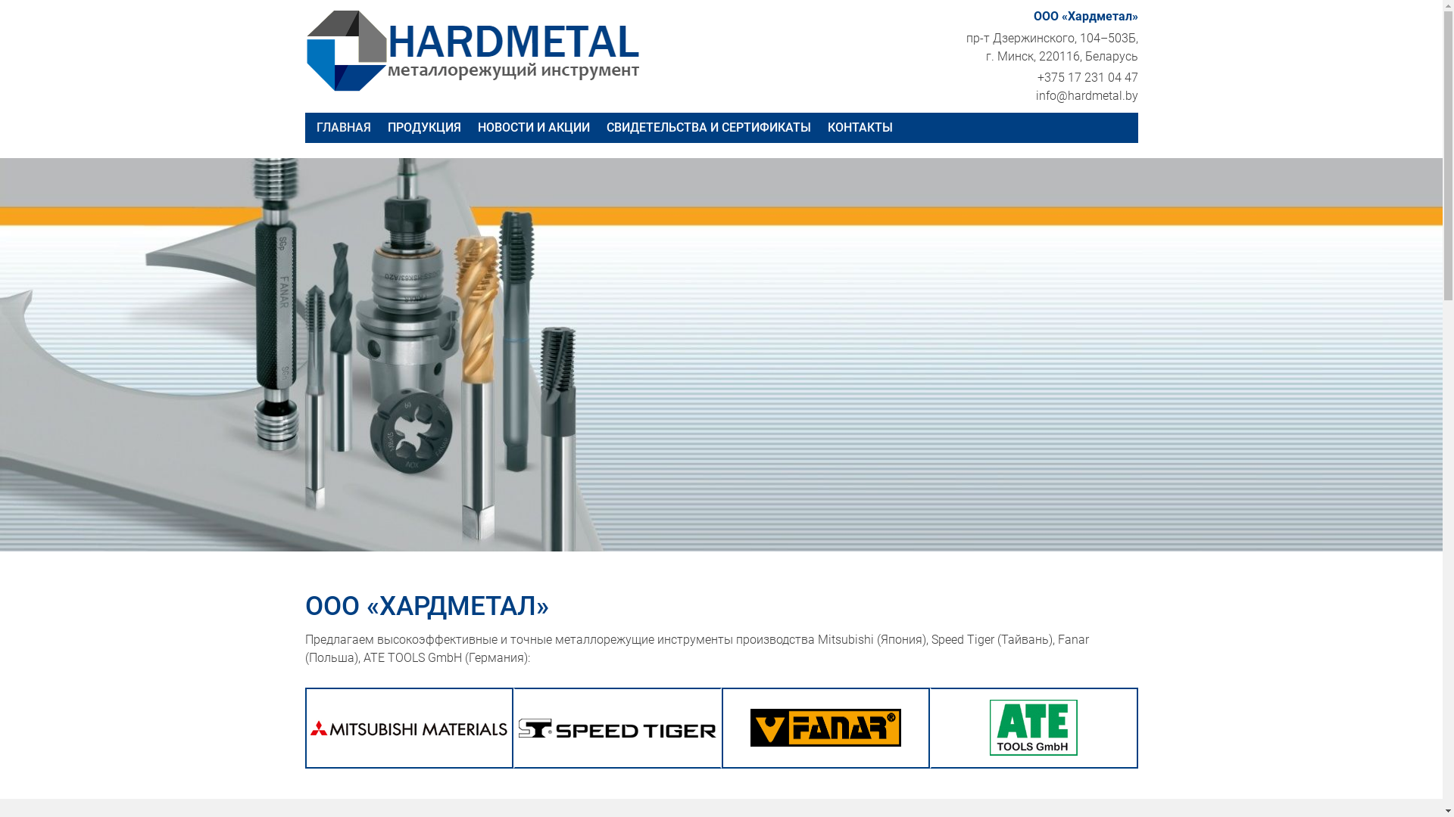 This screenshot has height=817, width=1454. What do you see at coordinates (1086, 95) in the screenshot?
I see `'info@hardmetal.by'` at bounding box center [1086, 95].